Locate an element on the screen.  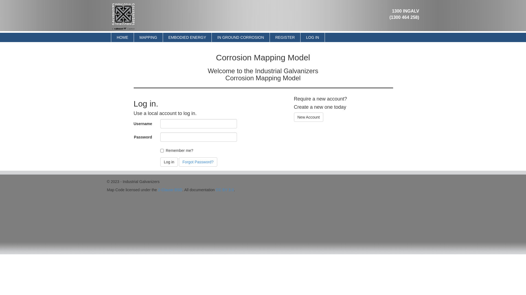
'New Account' is located at coordinates (309, 117).